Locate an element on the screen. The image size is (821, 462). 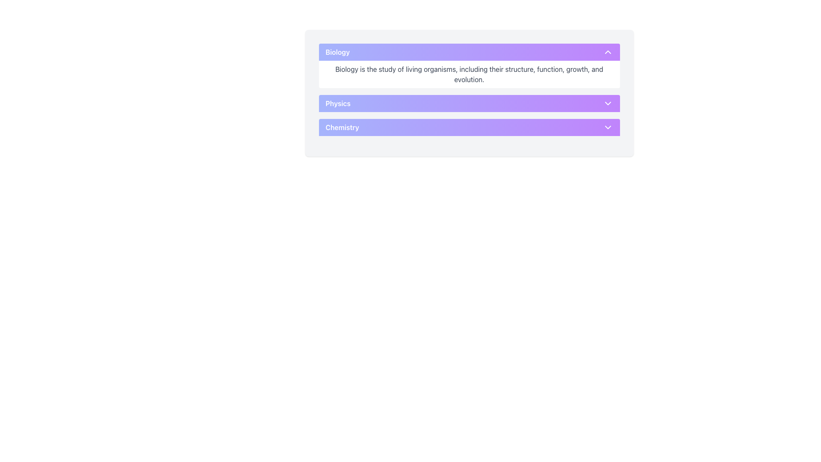
text content of the 'Biology' label, which is displayed in bold font within a gradient-colored bar at the top of the subject headers is located at coordinates (337, 52).